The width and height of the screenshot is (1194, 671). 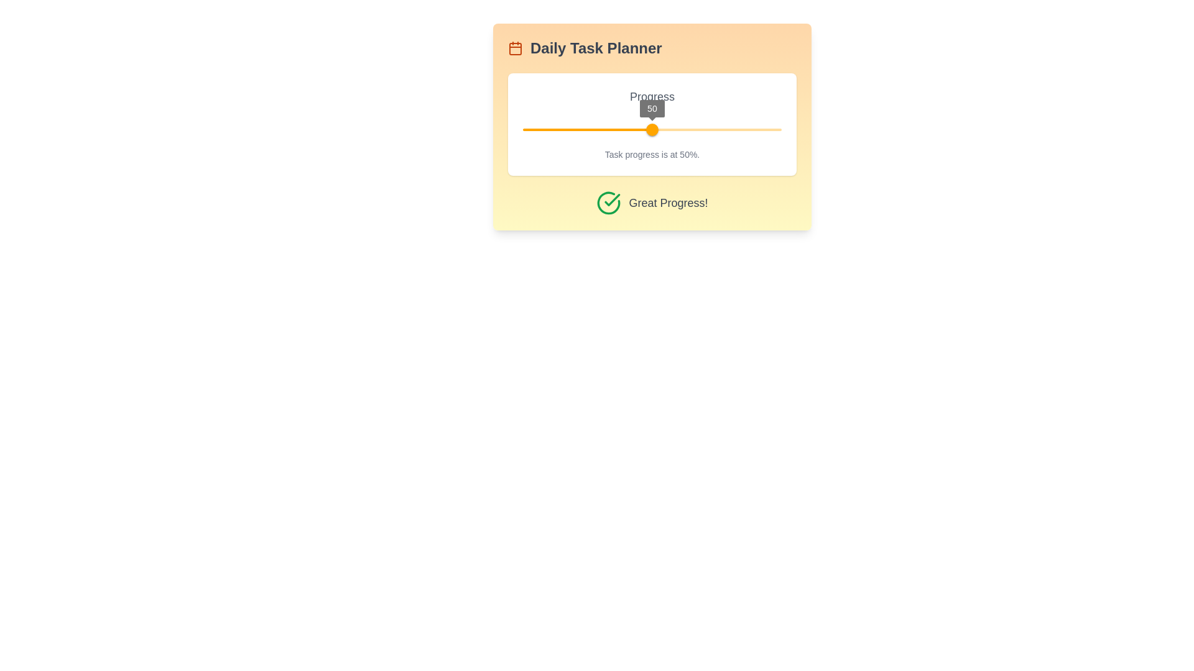 I want to click on the informative text element that displays 'Great Progress!' with a green check mark icon, located at the bottom of the 'Daily Task Planner' card section, so click(x=652, y=203).